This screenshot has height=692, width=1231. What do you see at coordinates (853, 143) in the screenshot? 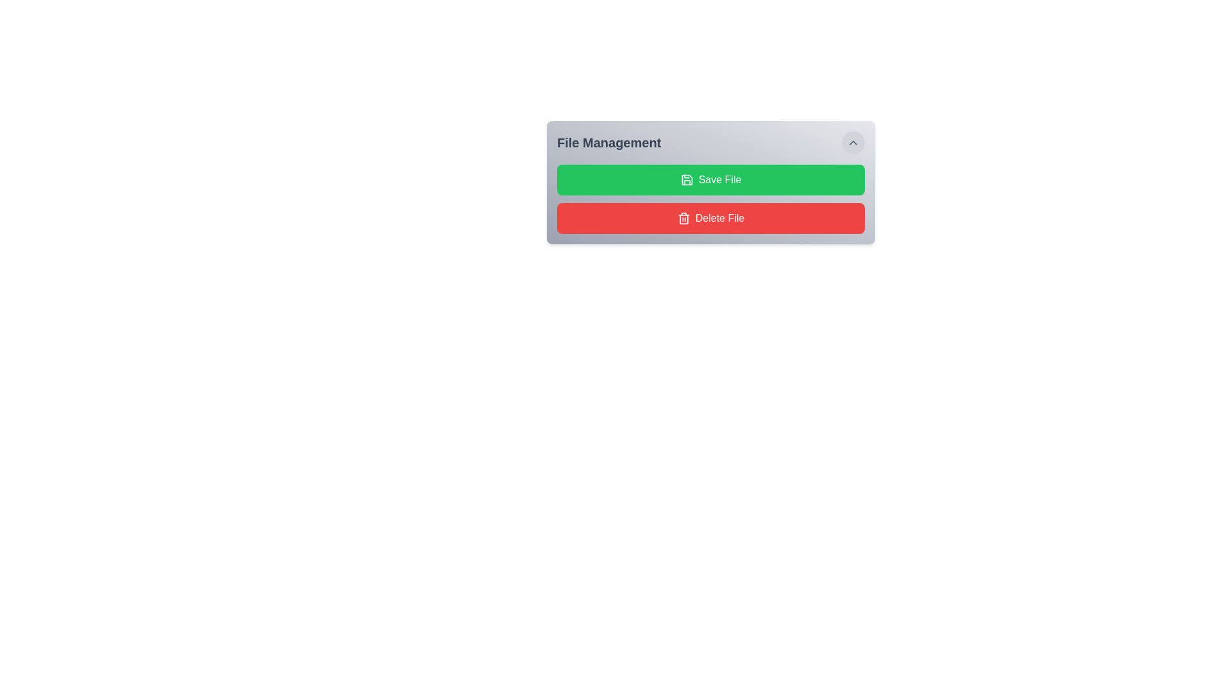
I see `the collapse button located in the top-right corner of the 'File Management' box, which features an upward-pointing chevron icon` at bounding box center [853, 143].